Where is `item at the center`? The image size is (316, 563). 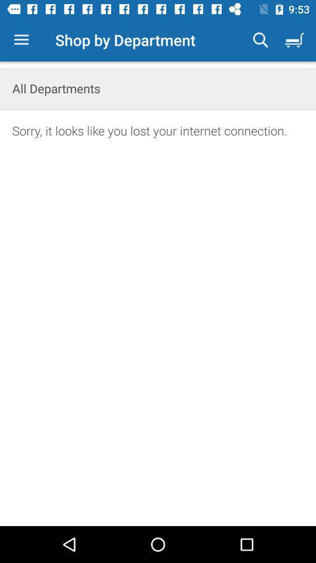
item at the center is located at coordinates (158, 338).